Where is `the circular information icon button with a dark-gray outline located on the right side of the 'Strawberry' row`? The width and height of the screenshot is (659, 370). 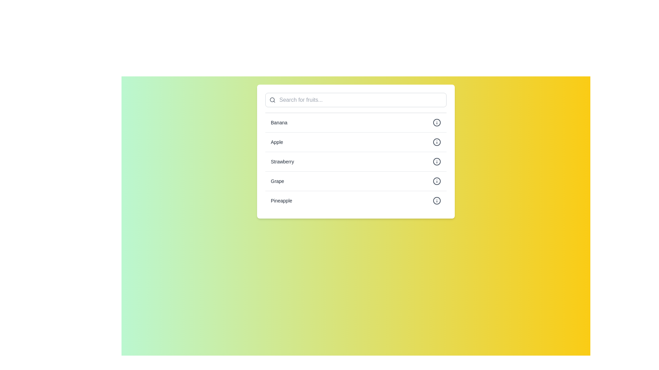 the circular information icon button with a dark-gray outline located on the right side of the 'Strawberry' row is located at coordinates (436, 161).